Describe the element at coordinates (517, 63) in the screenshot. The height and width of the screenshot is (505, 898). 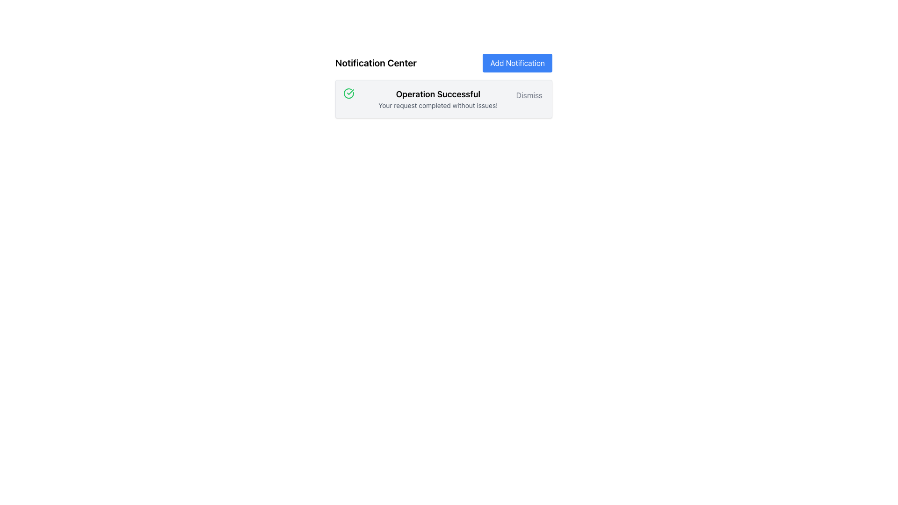
I see `the 'Add Notification' button with a blue background and white text located at the top-right corner of the Notification Center section` at that location.